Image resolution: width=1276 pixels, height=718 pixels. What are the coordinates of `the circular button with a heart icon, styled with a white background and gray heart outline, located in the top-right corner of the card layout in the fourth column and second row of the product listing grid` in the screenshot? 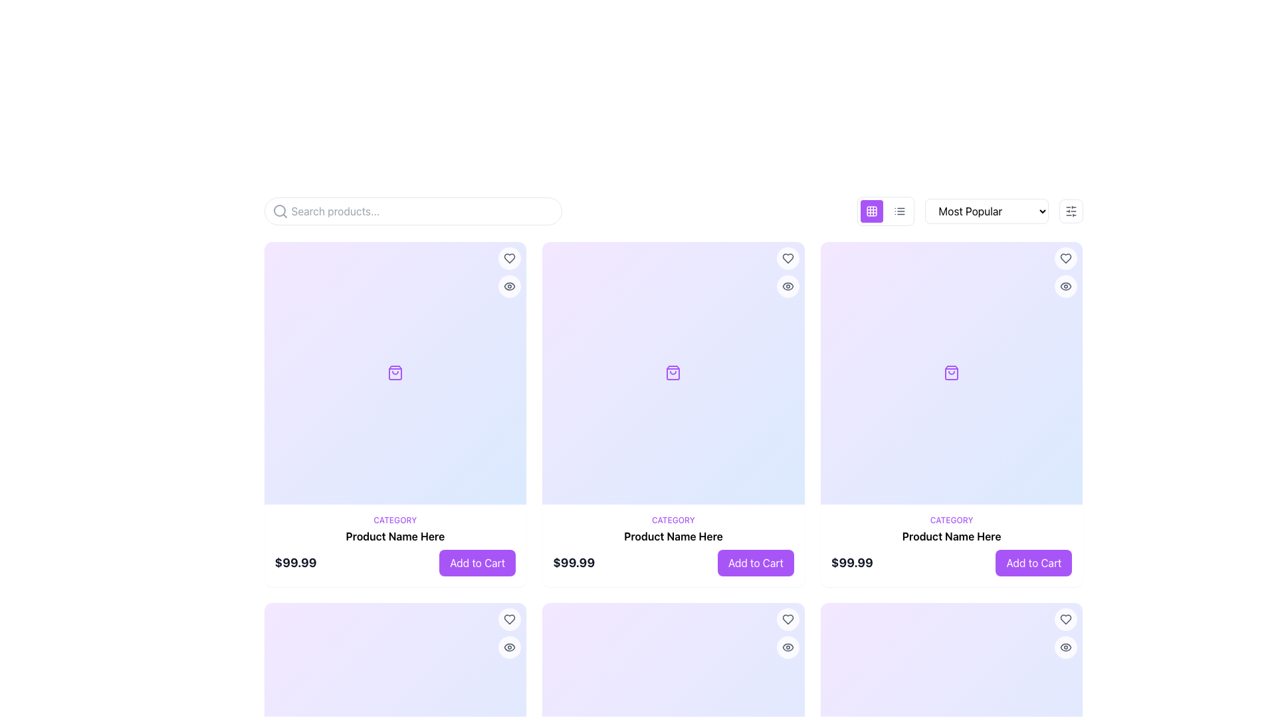 It's located at (1066, 619).